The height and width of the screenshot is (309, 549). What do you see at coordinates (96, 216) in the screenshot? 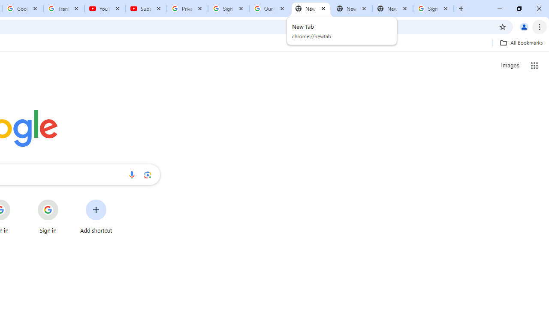
I see `'Add shortcut'` at bounding box center [96, 216].